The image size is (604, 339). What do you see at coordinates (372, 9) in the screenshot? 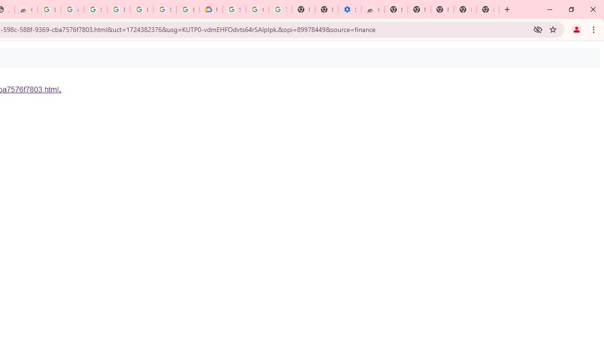
I see `'Chrome Web Store - Accessibility extensions'` at bounding box center [372, 9].